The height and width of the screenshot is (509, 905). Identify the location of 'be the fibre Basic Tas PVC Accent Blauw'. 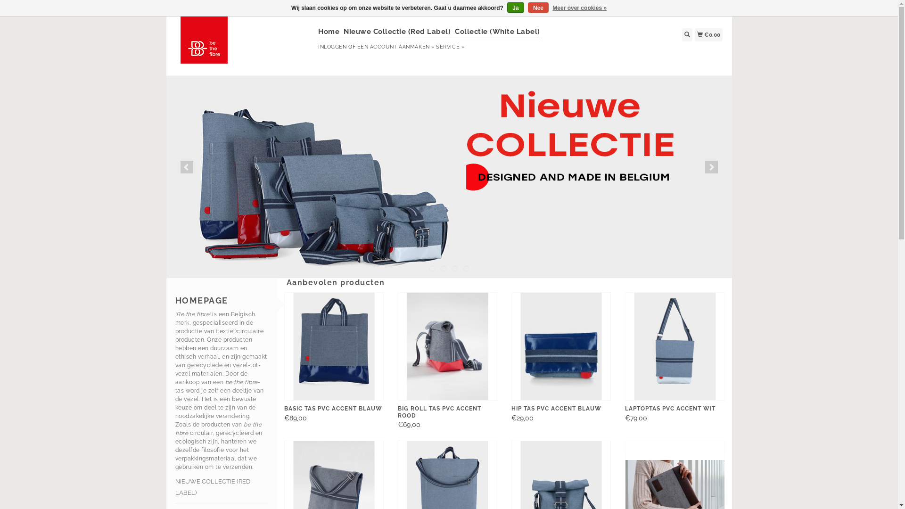
(334, 346).